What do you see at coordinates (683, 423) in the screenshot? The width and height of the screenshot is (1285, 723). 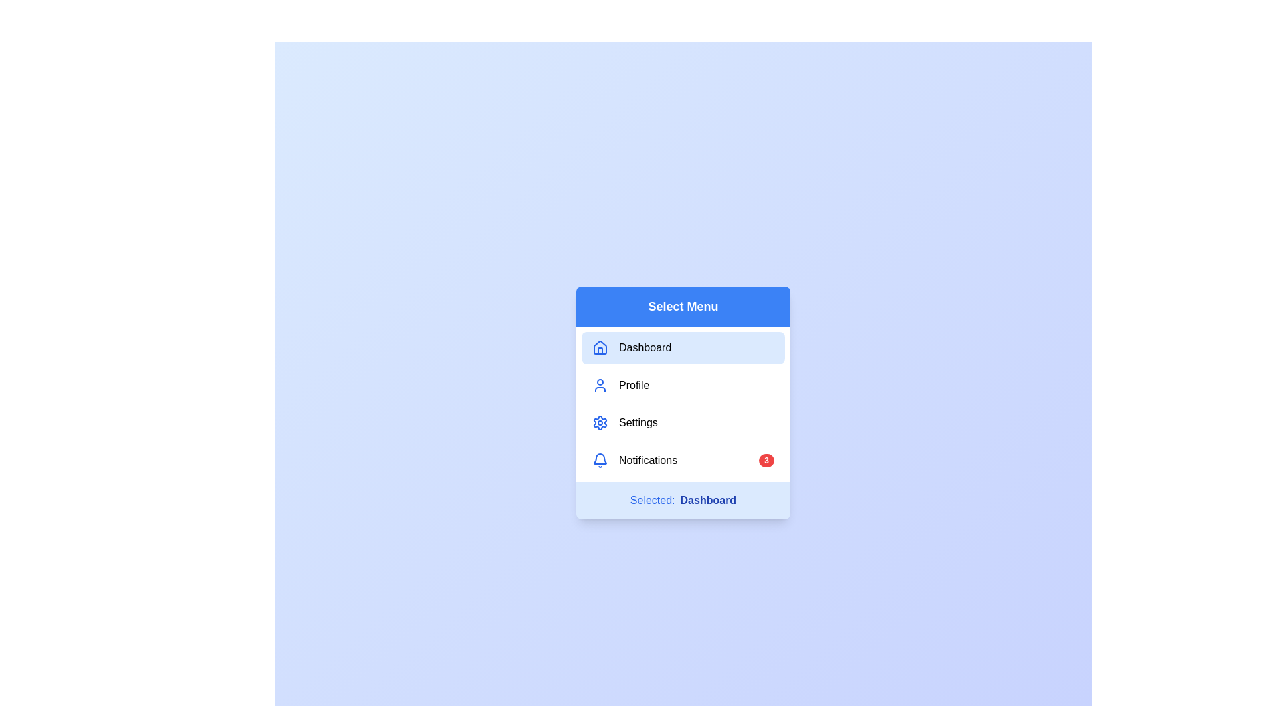 I see `the menu item Settings to see its hover effect` at bounding box center [683, 423].